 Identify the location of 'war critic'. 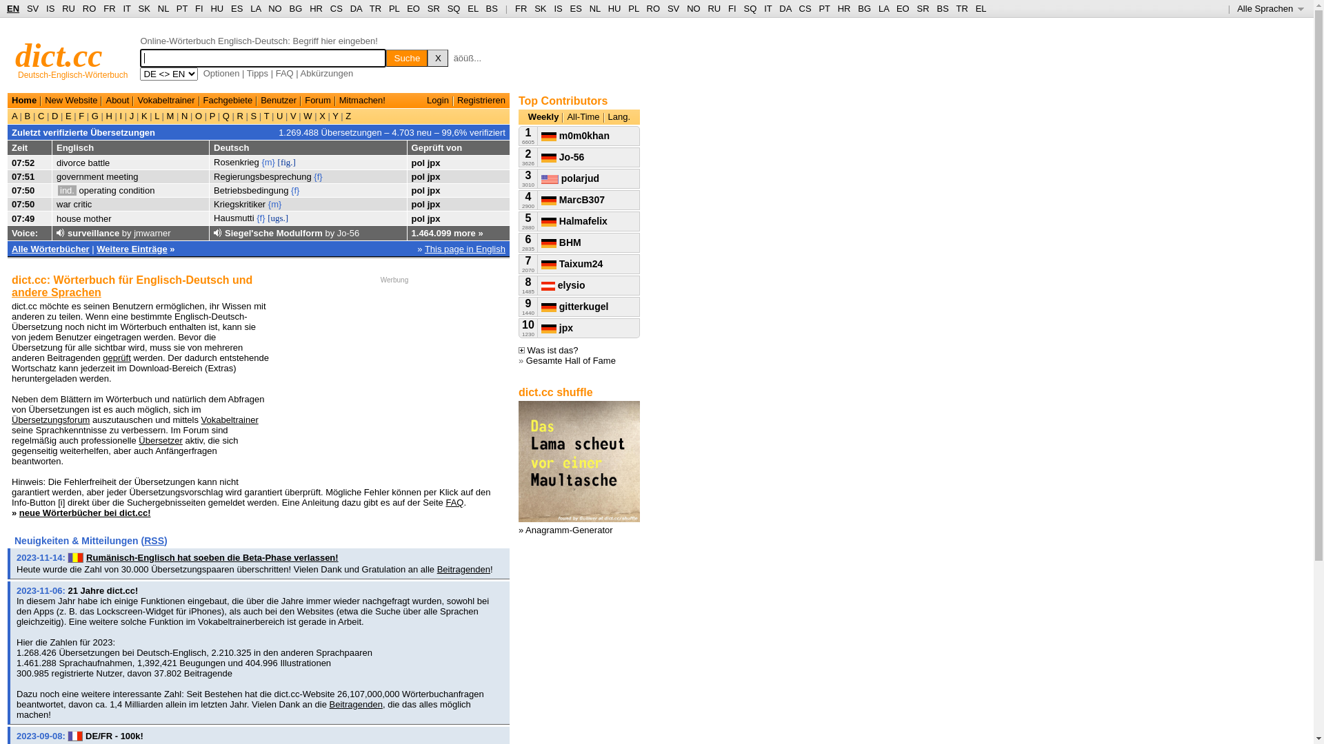
(73, 204).